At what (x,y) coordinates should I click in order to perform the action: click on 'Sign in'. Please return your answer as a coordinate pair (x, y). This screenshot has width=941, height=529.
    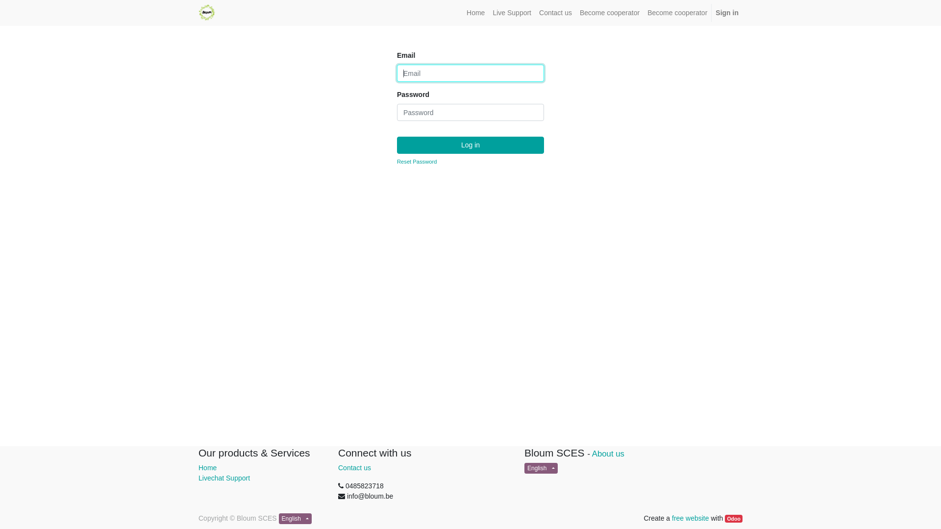
    Looking at the image, I should click on (711, 13).